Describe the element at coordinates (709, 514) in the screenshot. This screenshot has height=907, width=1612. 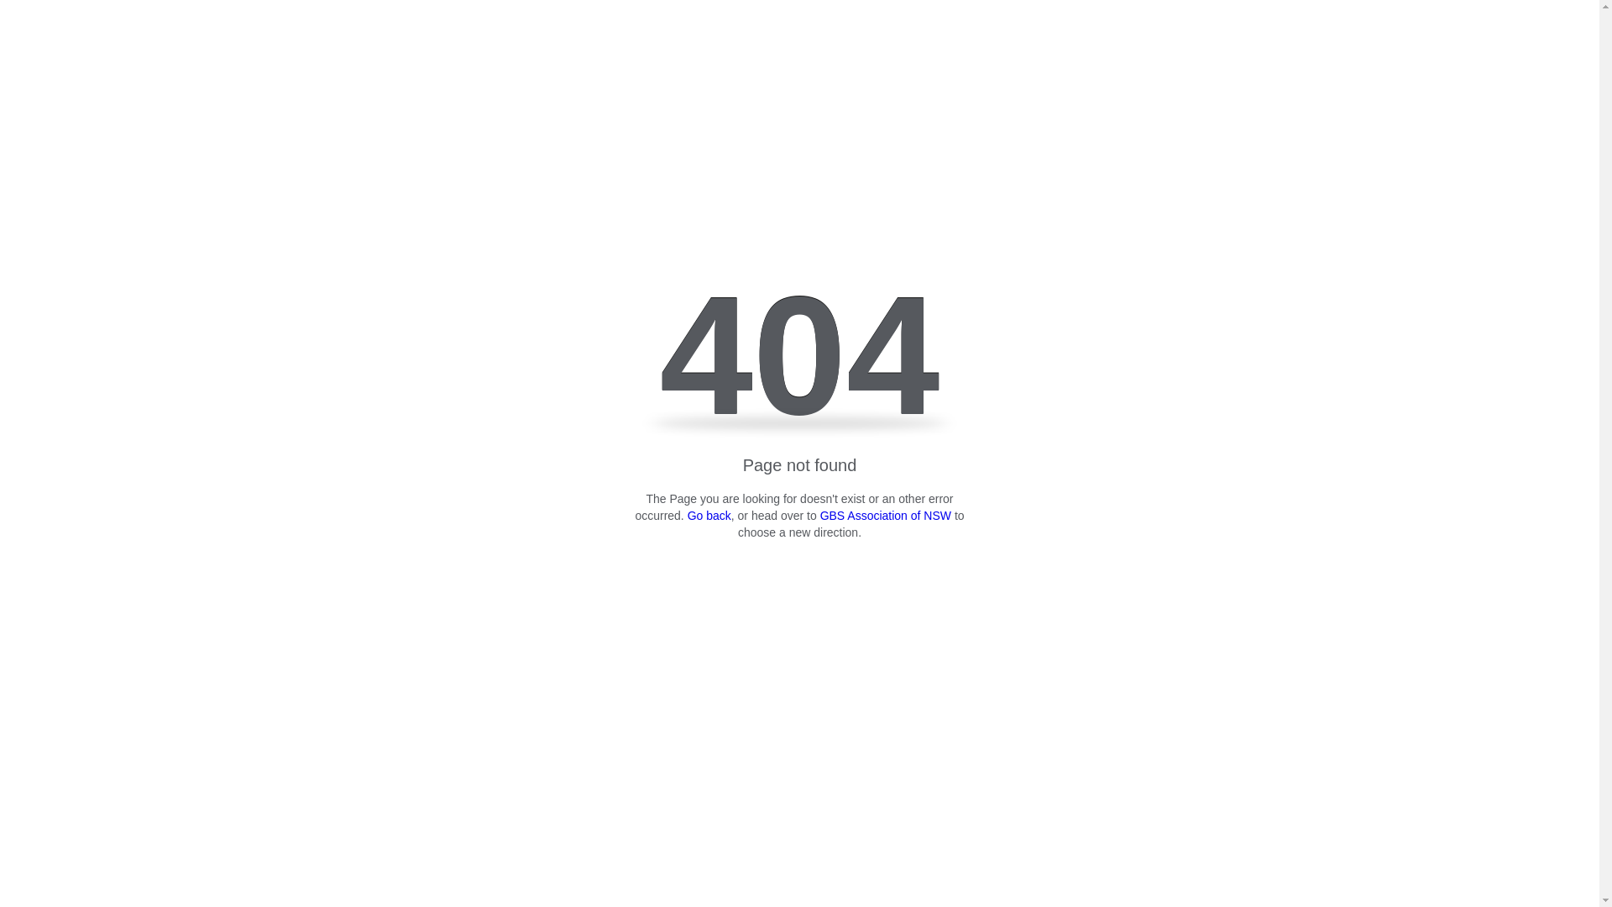
I see `'Go back'` at that location.